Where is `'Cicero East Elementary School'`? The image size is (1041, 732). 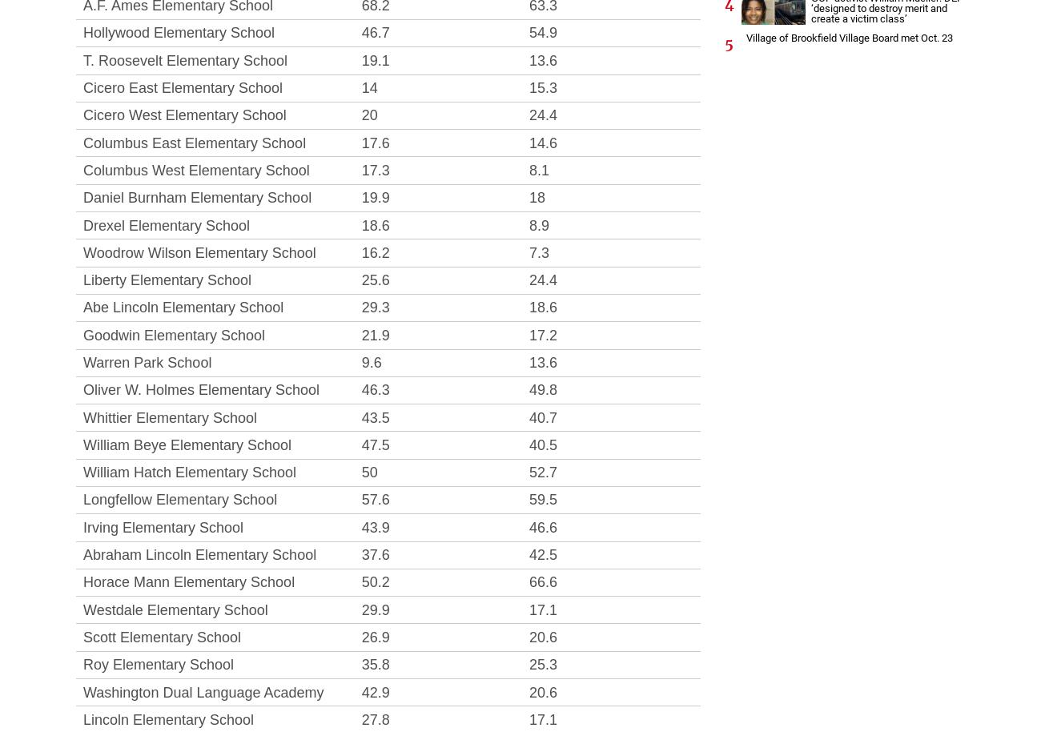 'Cicero East Elementary School' is located at coordinates (182, 88).